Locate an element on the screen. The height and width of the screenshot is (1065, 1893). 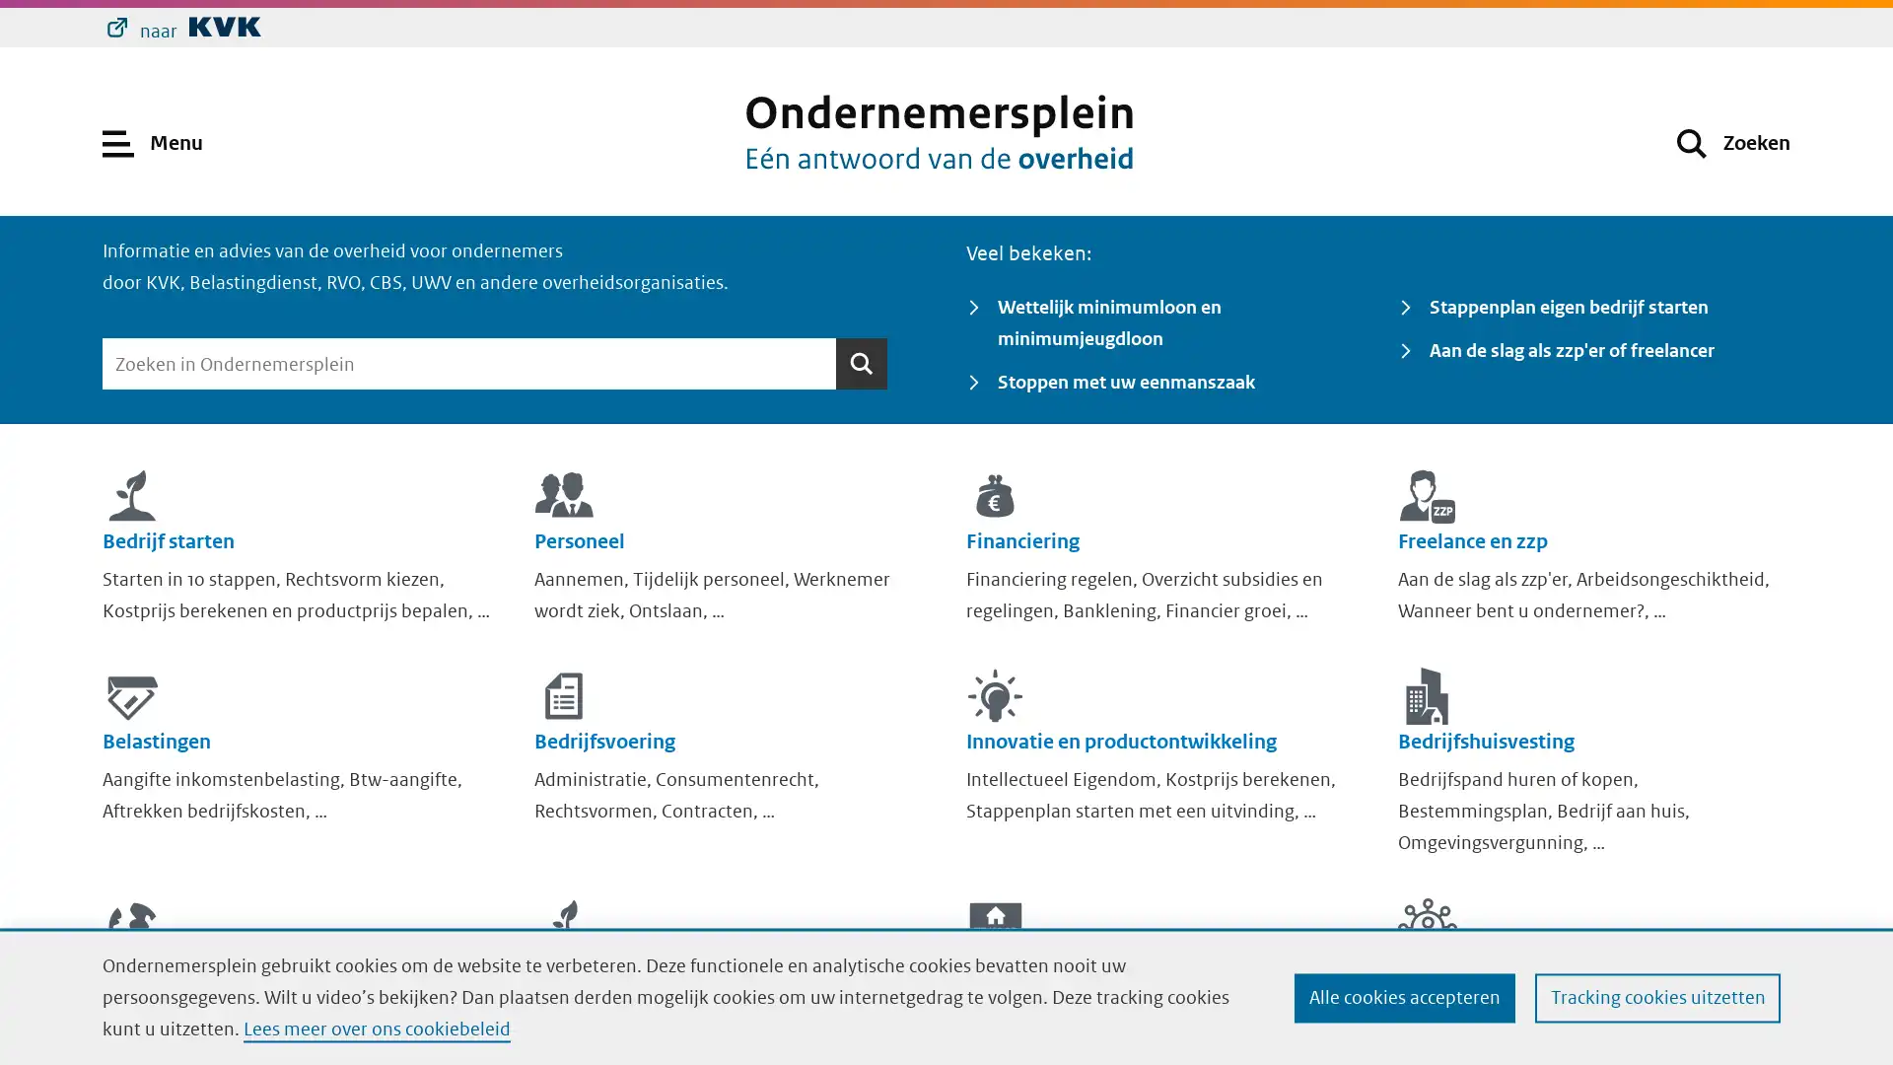
Tracking cookies uitzetten is located at coordinates (1656, 997).